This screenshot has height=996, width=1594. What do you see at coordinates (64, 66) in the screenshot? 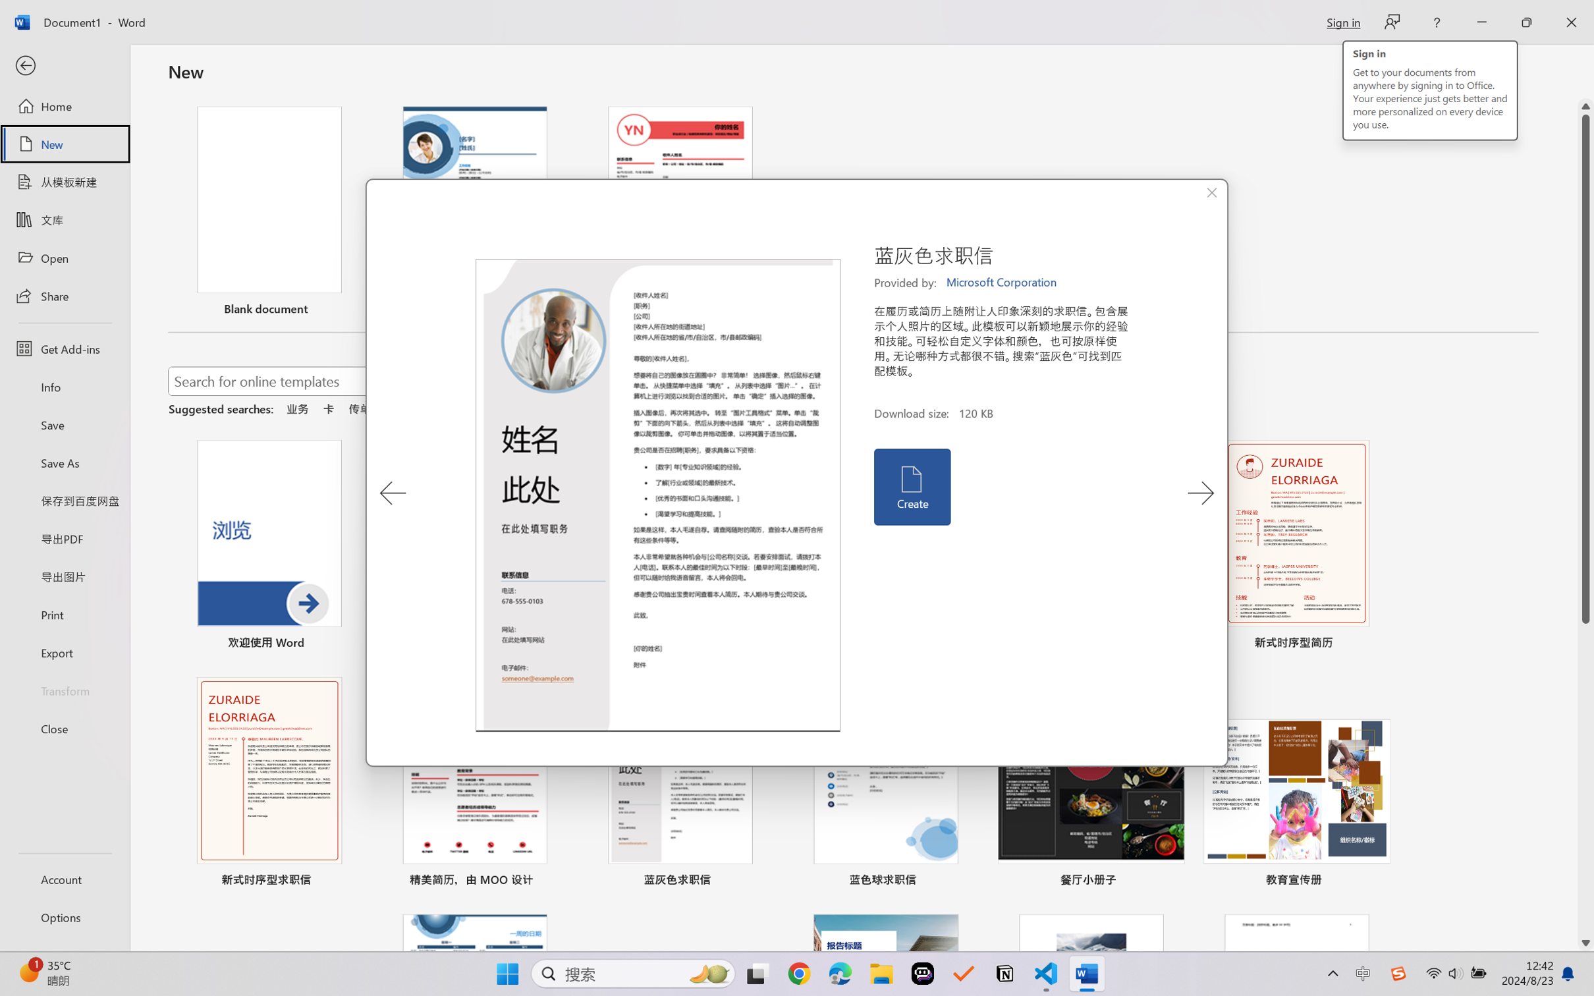
I see `'Back'` at bounding box center [64, 66].